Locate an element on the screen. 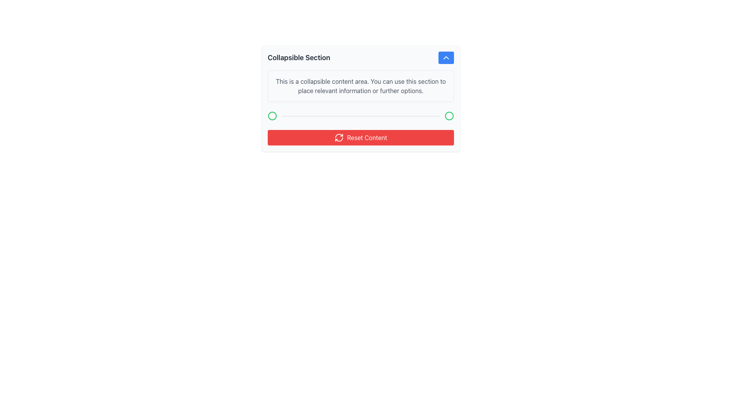 The image size is (745, 419). the Decorative Circle element, which is a circular shape with a green outline located inside a collapsible section near a text input field is located at coordinates (272, 116).